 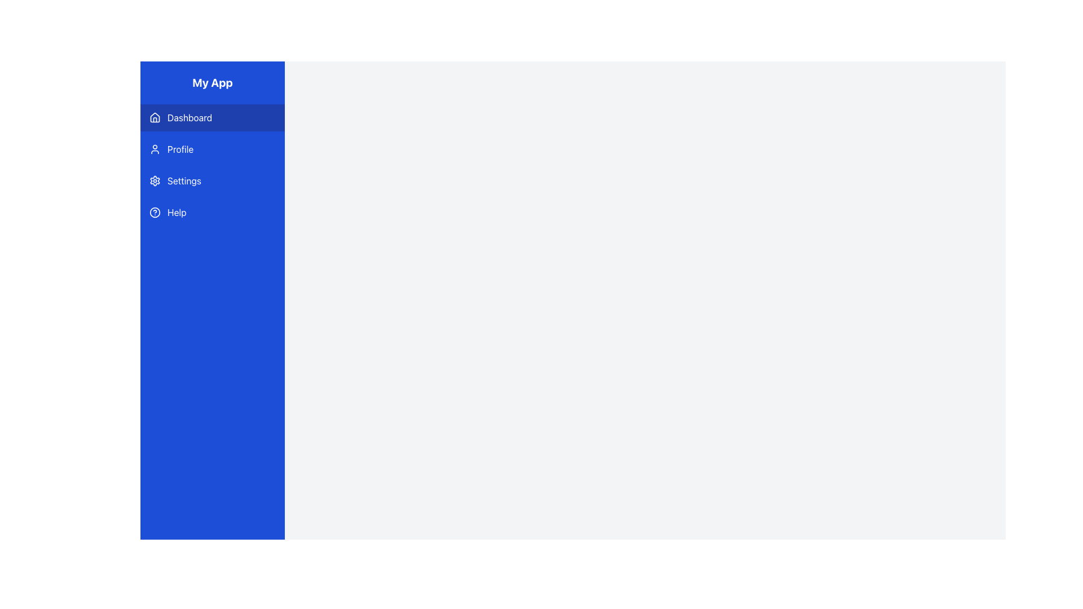 I want to click on the 'Profile' text label in the vertical navigation menu on the left side of the application interface, so click(x=180, y=149).